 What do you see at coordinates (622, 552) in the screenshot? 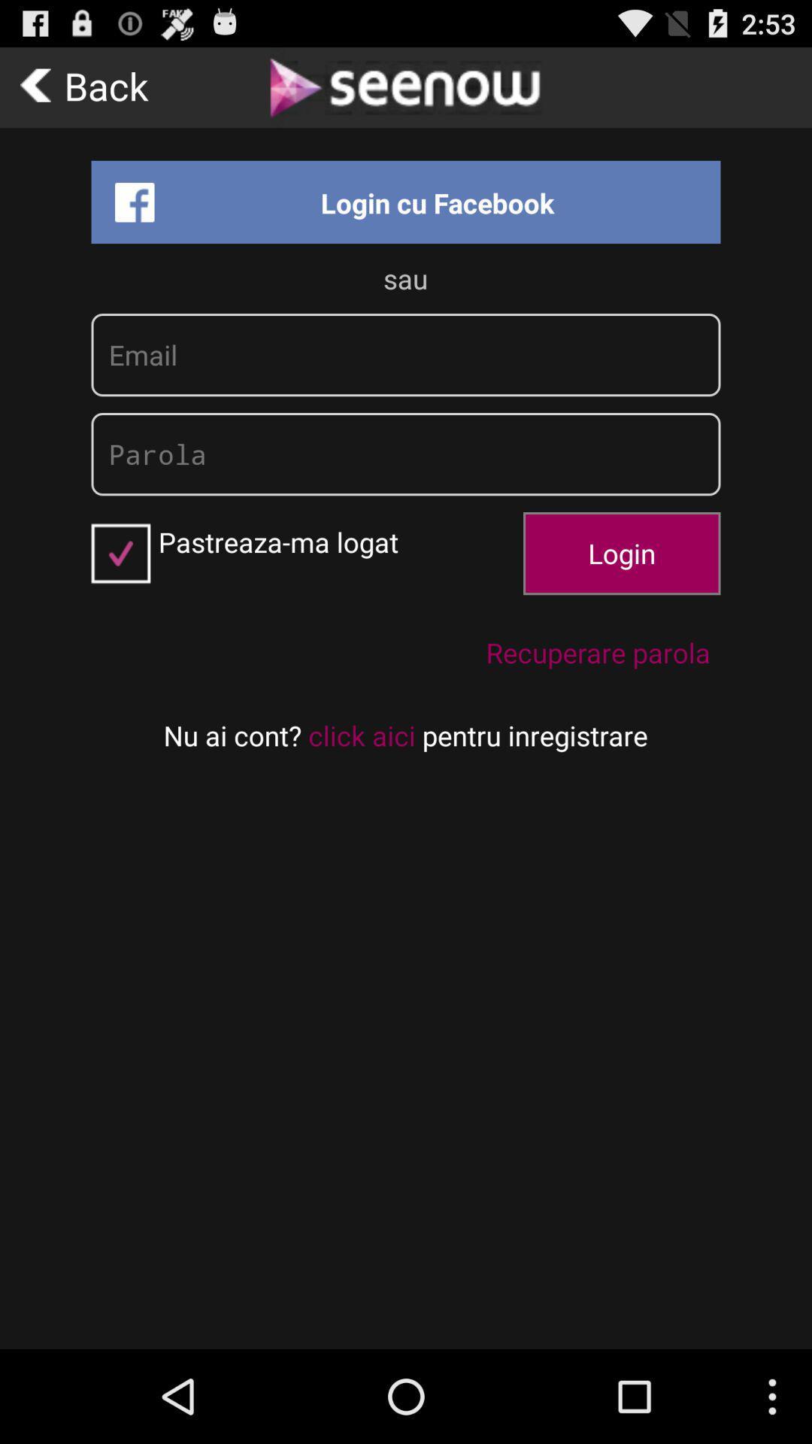
I see `login icon` at bounding box center [622, 552].